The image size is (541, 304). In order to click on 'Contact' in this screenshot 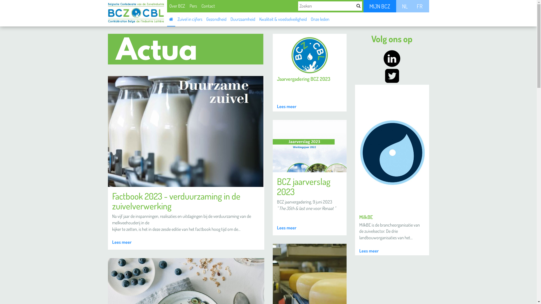, I will do `click(208, 6)`.